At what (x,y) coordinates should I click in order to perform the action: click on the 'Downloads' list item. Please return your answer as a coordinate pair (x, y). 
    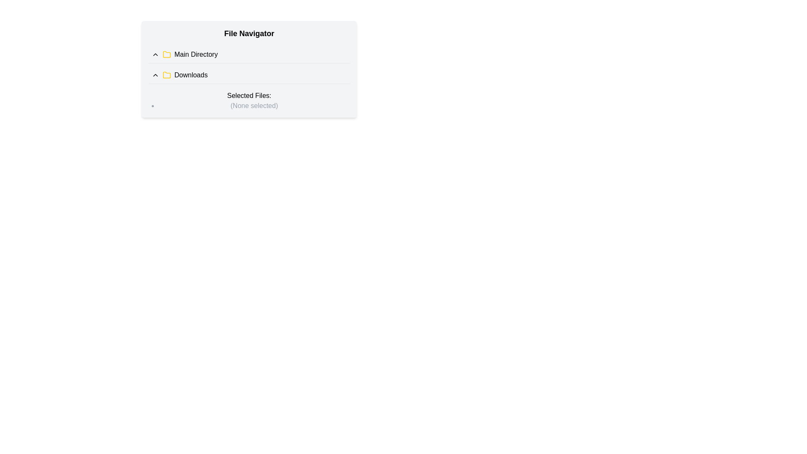
    Looking at the image, I should click on (249, 74).